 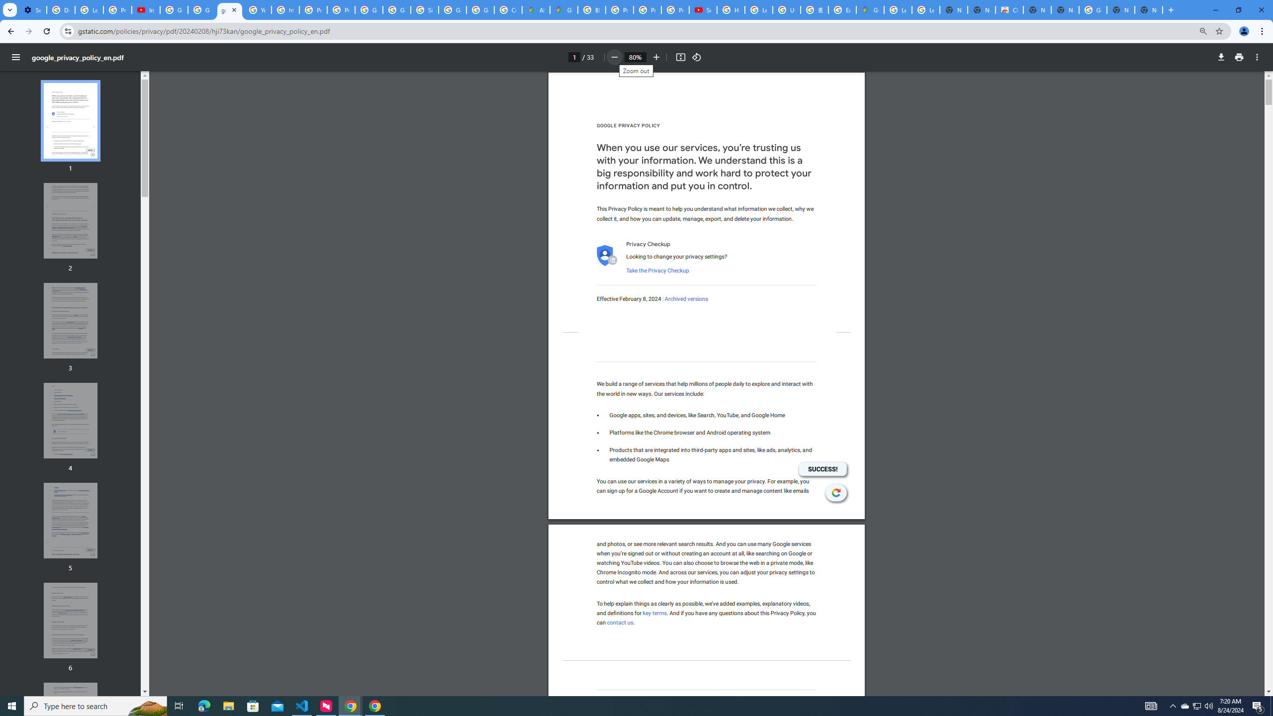 What do you see at coordinates (16, 57) in the screenshot?
I see `'Menu'` at bounding box center [16, 57].